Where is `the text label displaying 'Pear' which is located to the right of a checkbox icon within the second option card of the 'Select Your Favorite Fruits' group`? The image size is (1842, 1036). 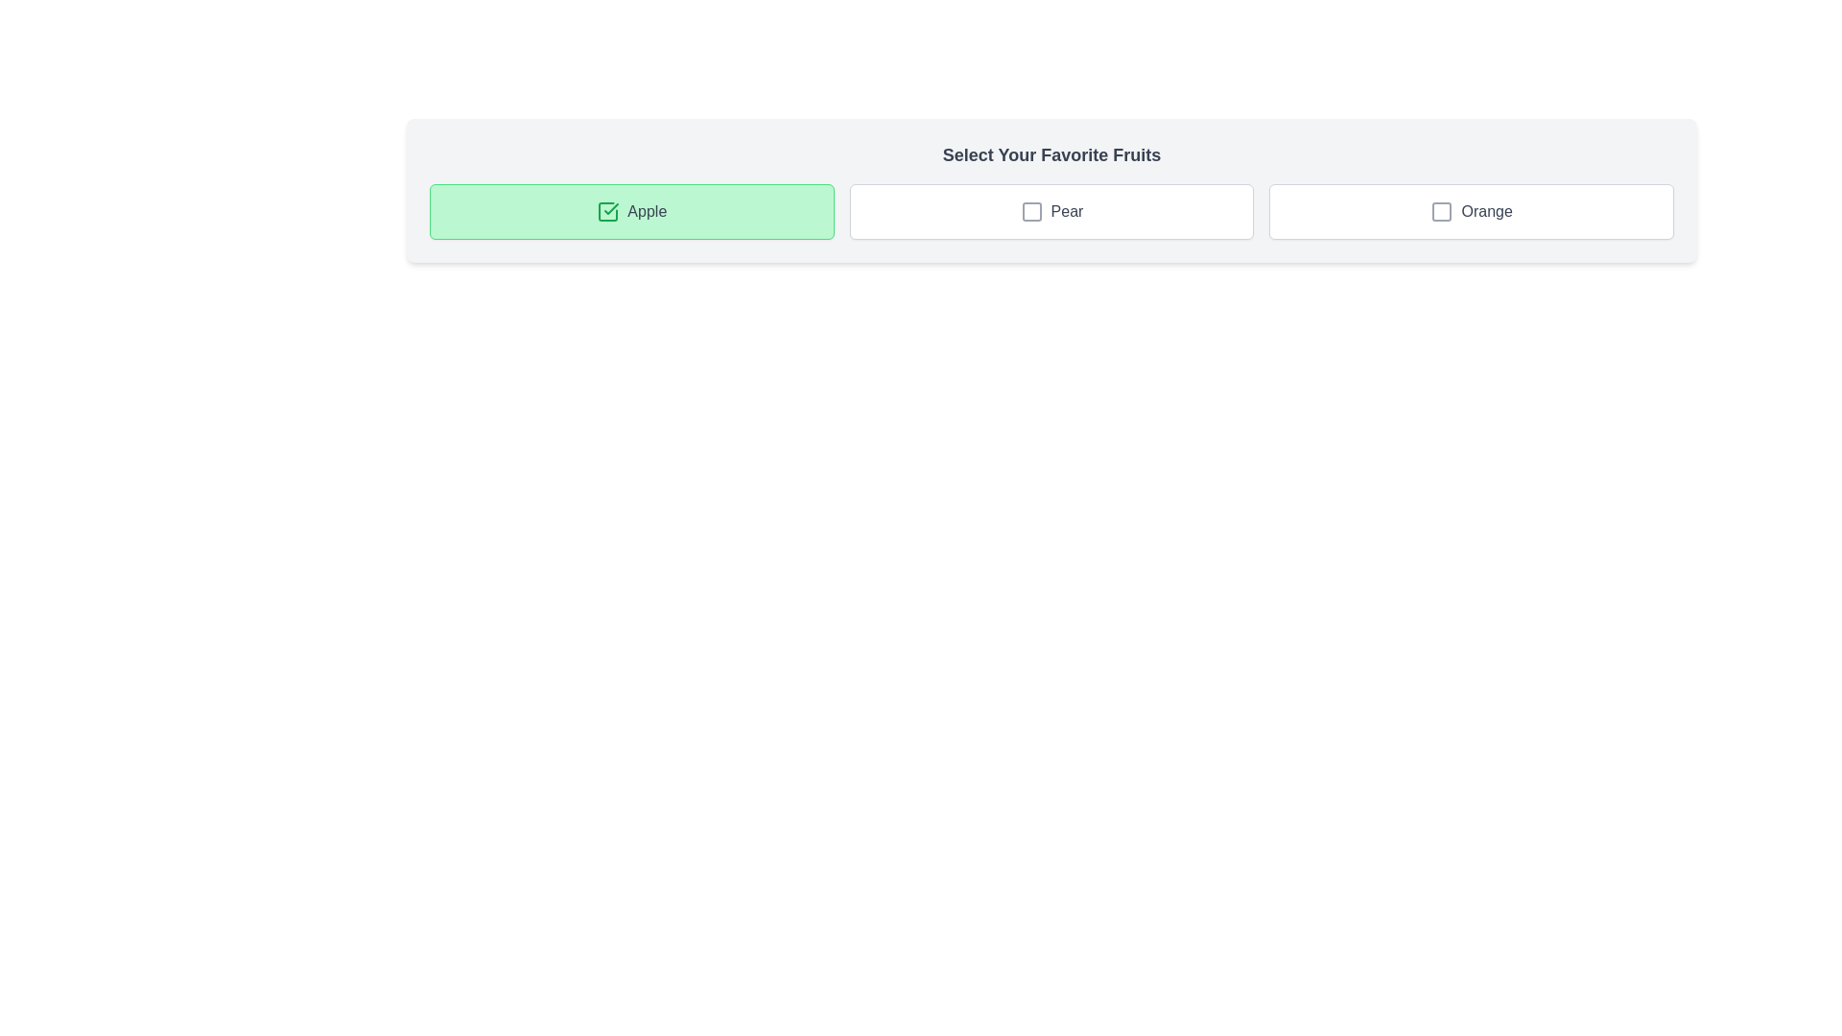
the text label displaying 'Pear' which is located to the right of a checkbox icon within the second option card of the 'Select Your Favorite Fruits' group is located at coordinates (1066, 211).